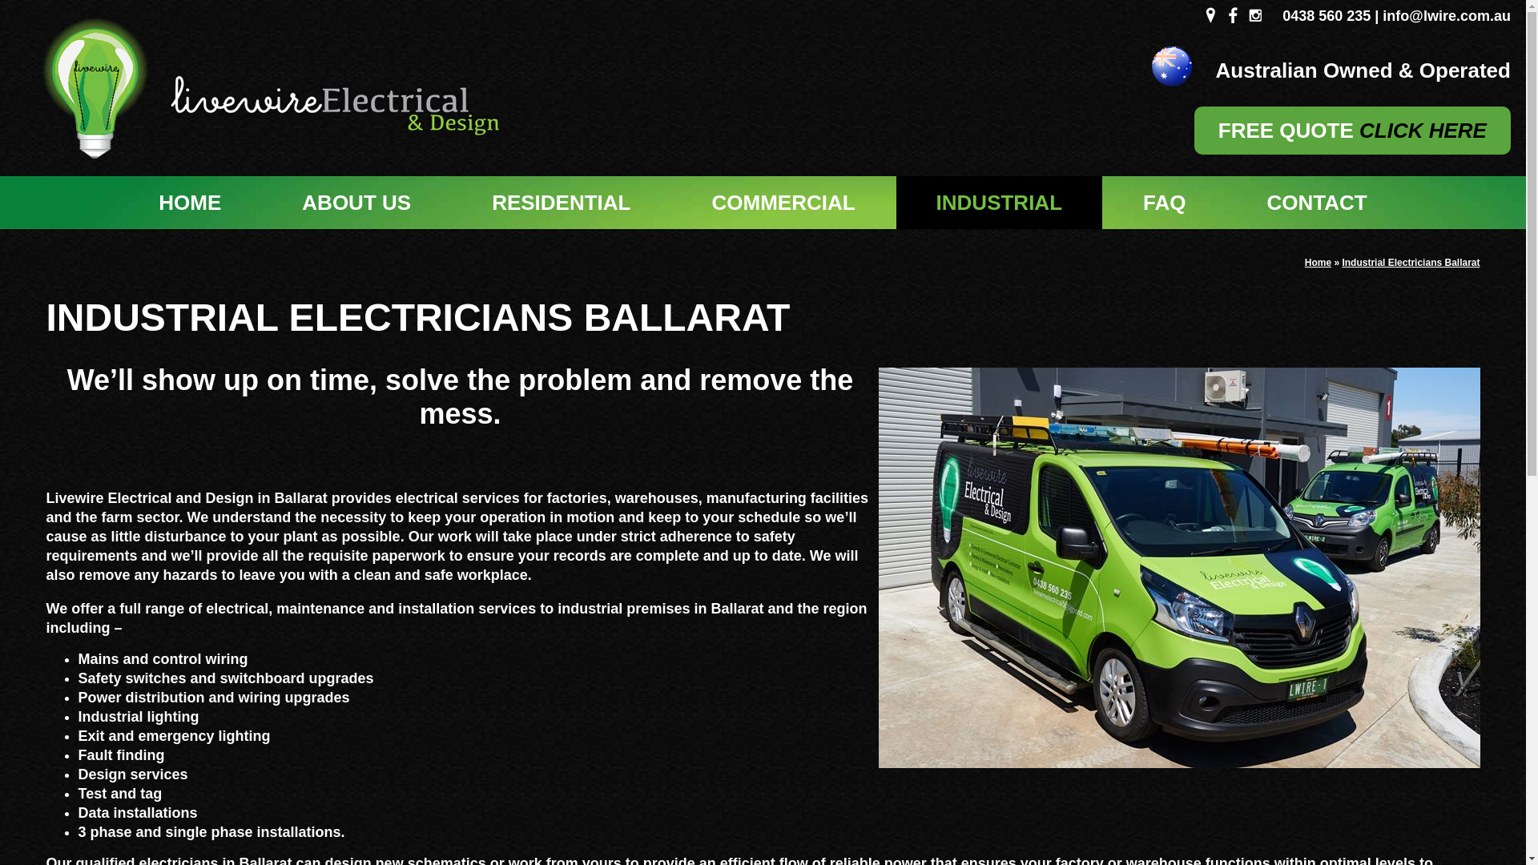  Describe the element at coordinates (1110, 66) in the screenshot. I see `'Australian Owned & Operated'` at that location.